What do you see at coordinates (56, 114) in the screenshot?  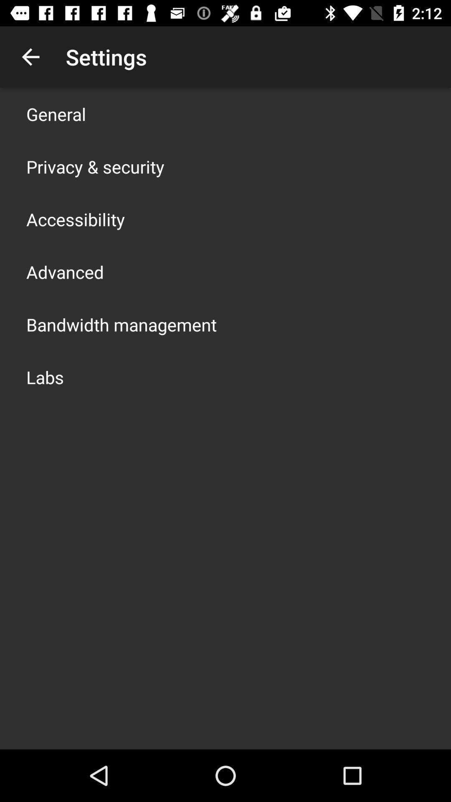 I see `the general` at bounding box center [56, 114].